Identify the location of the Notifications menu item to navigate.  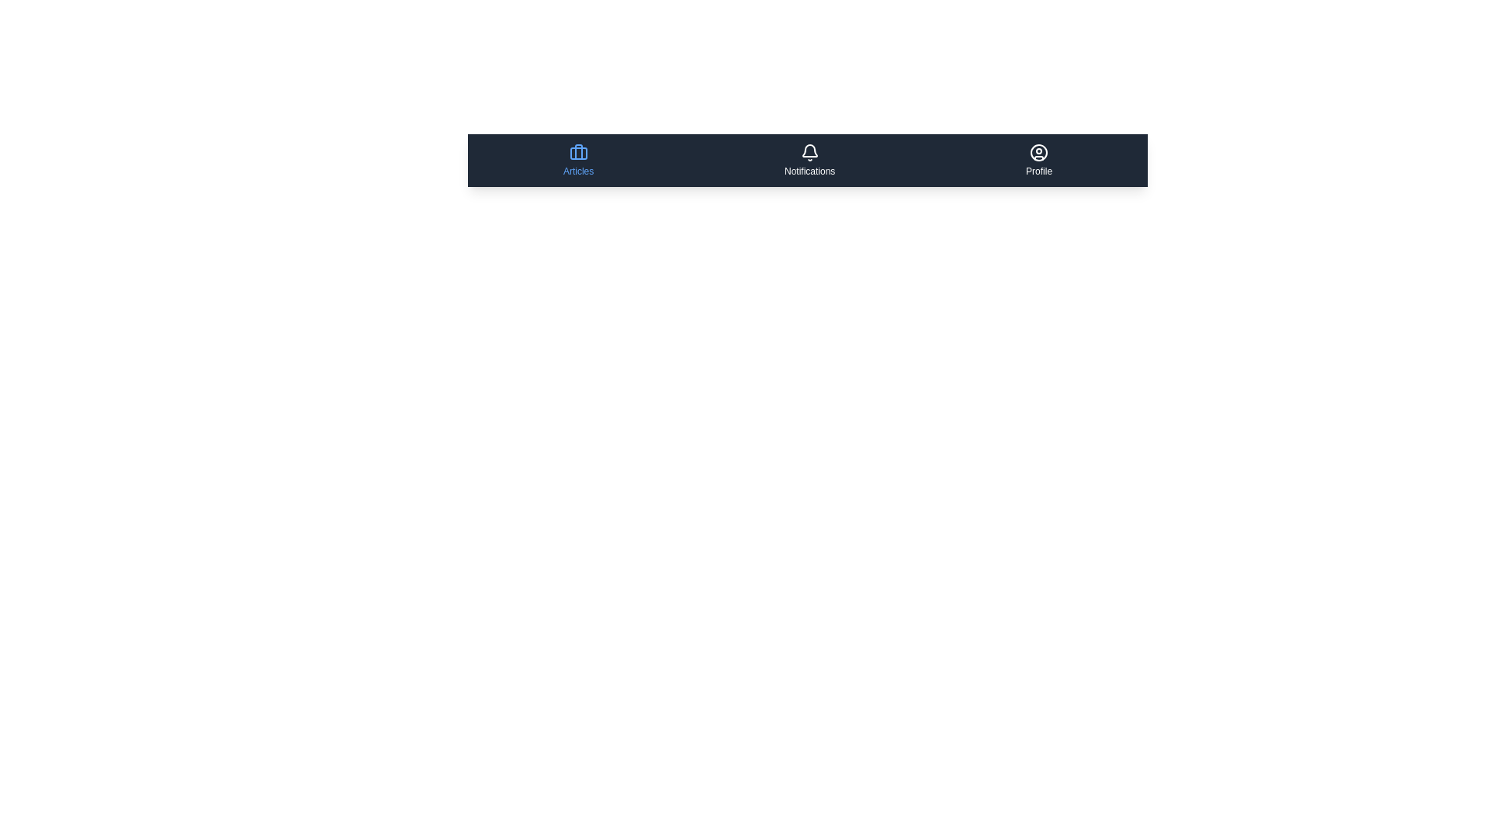
(809, 161).